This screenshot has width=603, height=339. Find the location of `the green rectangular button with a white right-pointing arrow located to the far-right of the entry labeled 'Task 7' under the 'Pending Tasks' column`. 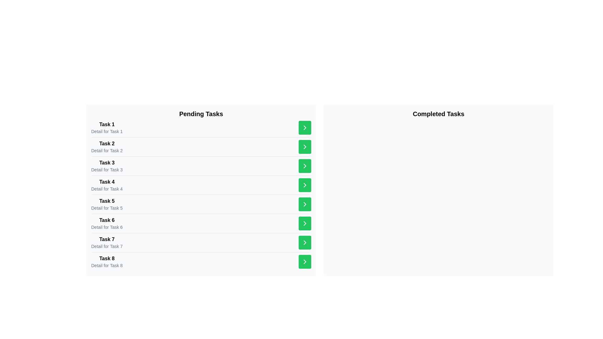

the green rectangular button with a white right-pointing arrow located to the far-right of the entry labeled 'Task 7' under the 'Pending Tasks' column is located at coordinates (305, 242).